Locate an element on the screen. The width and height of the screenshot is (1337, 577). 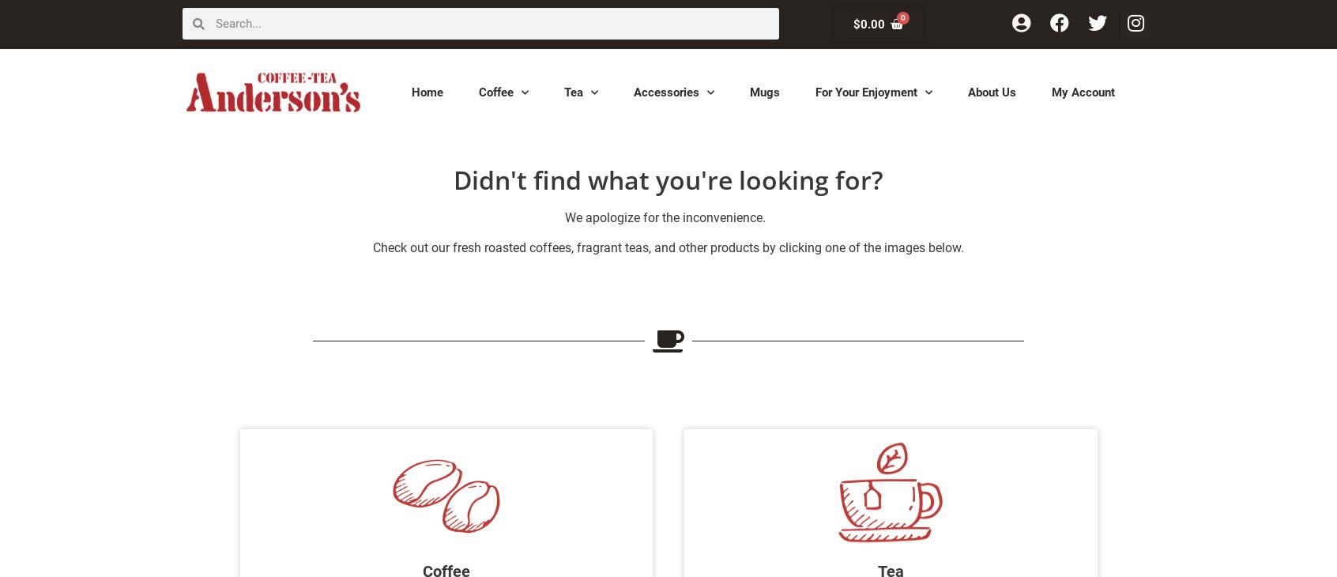
'0' is located at coordinates (900, 17).